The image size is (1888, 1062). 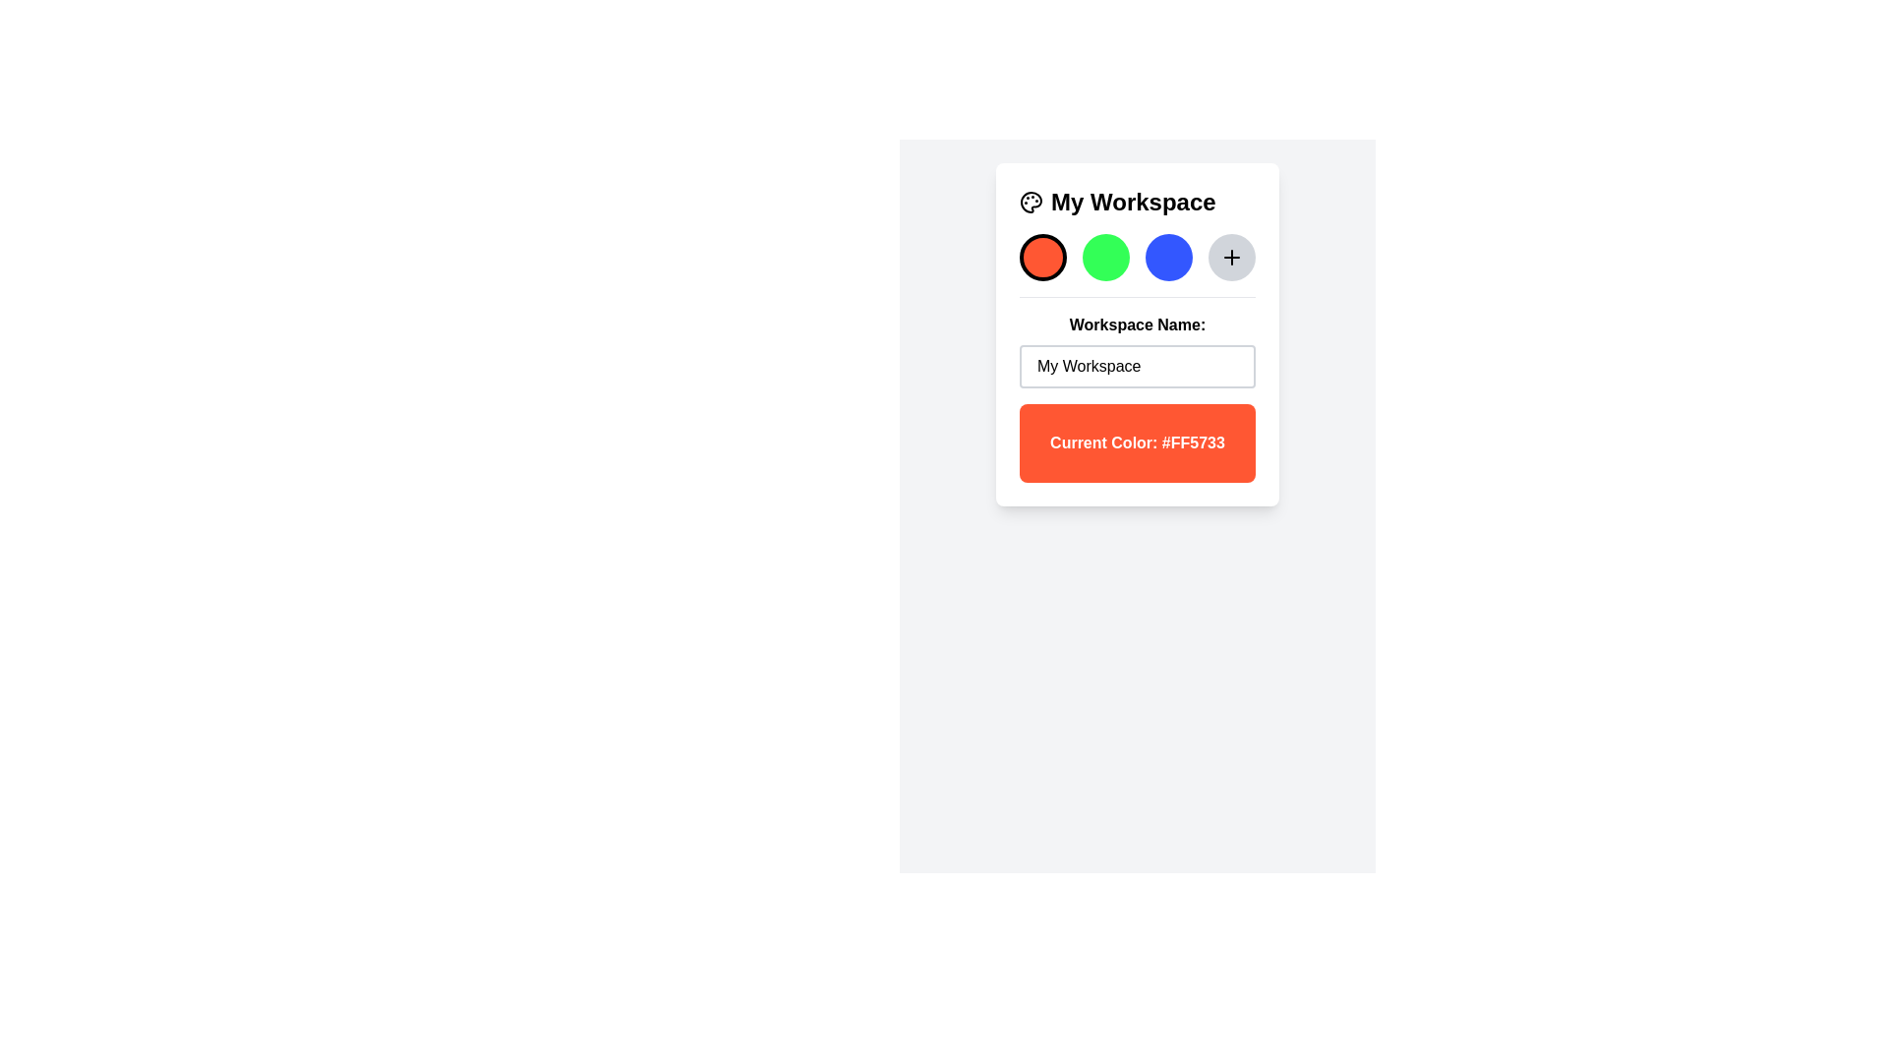 What do you see at coordinates (1031, 202) in the screenshot?
I see `the painter's palette icon located at the top-left corner of the 'My Workspace' panel, preceding the title text` at bounding box center [1031, 202].